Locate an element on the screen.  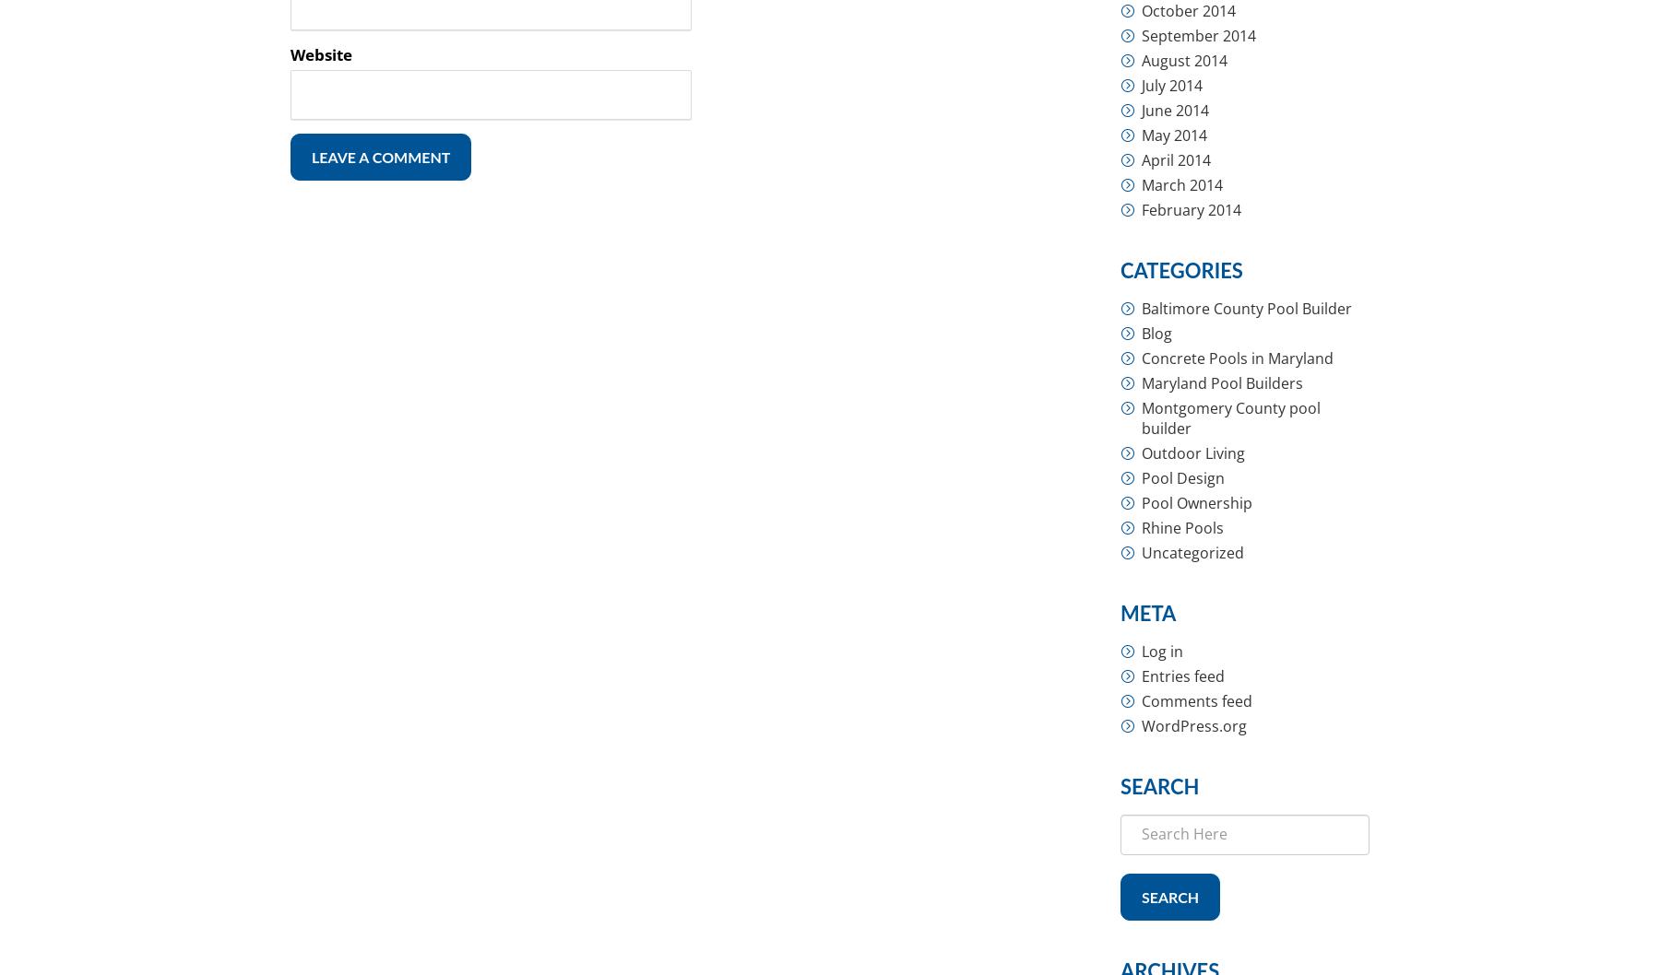
'May 2014' is located at coordinates (1174, 134).